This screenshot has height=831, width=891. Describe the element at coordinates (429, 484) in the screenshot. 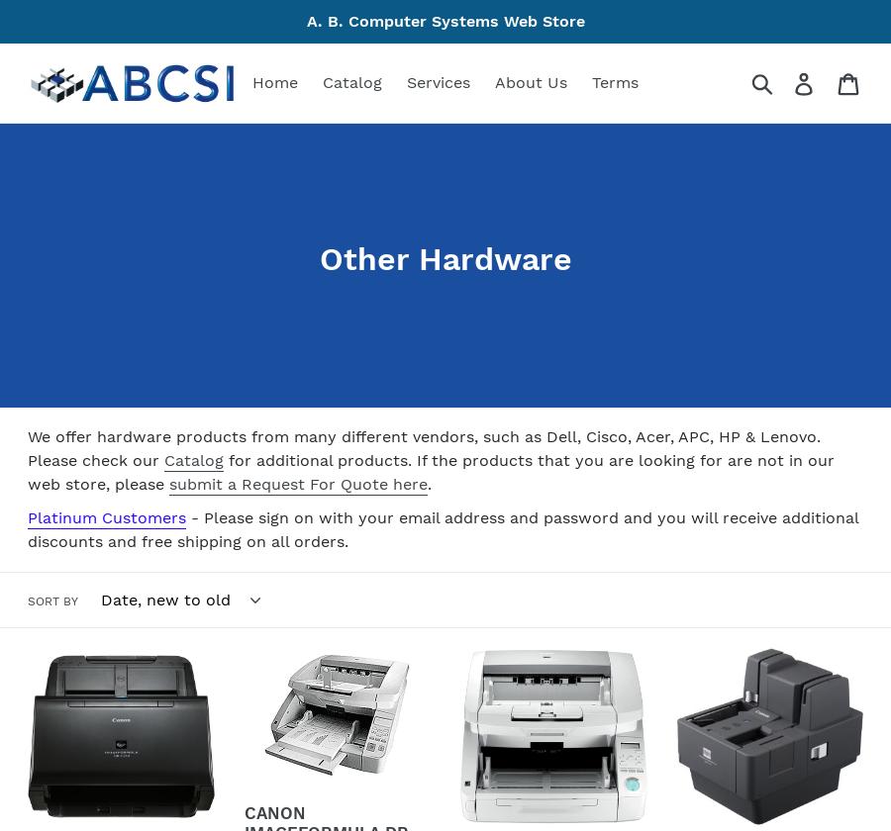

I see `'.'` at that location.